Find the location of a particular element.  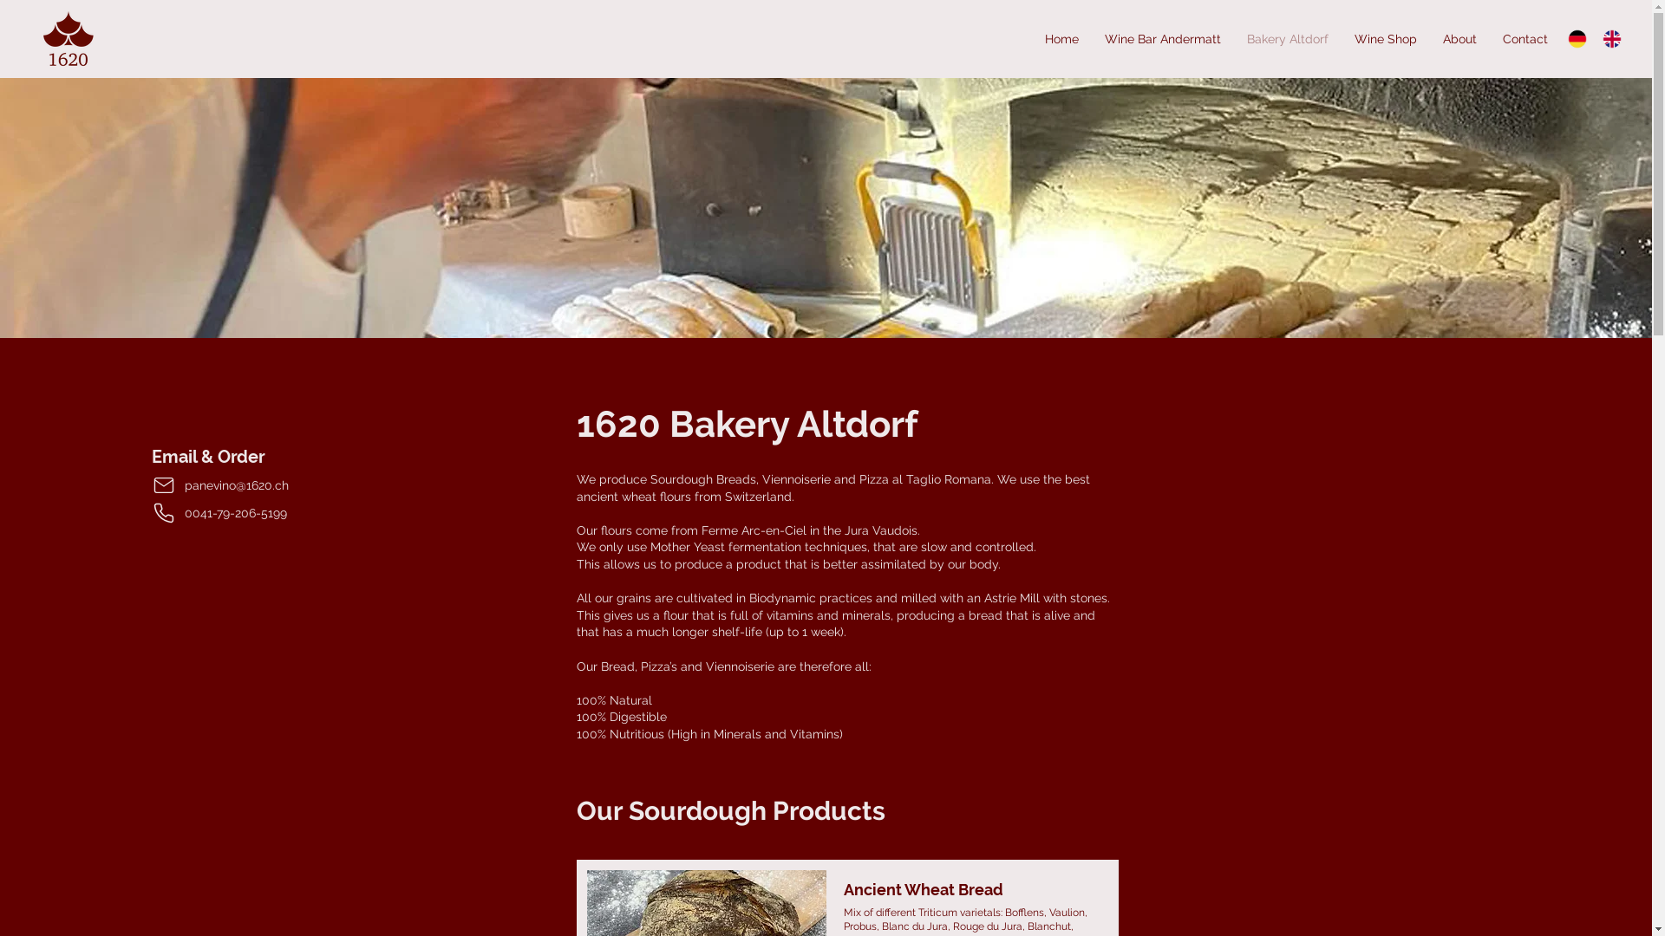

'Wine Bar Andermatt' is located at coordinates (1162, 39).